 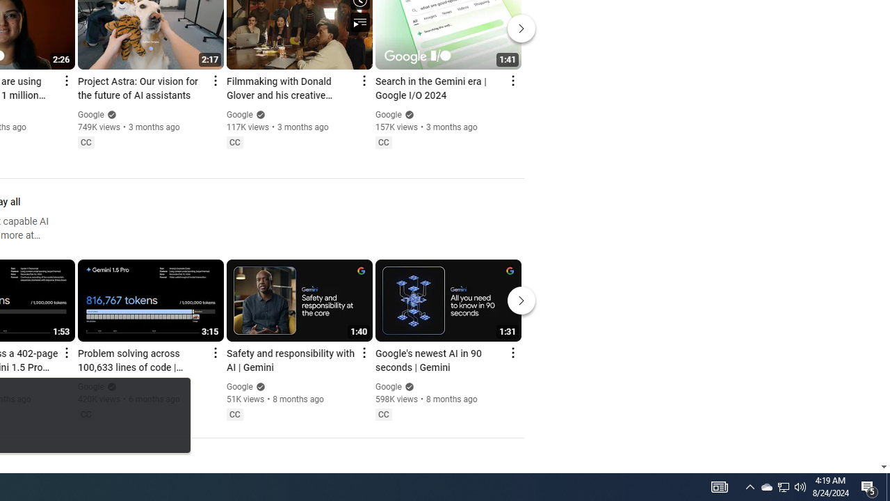 I want to click on 'Next', so click(x=521, y=300).